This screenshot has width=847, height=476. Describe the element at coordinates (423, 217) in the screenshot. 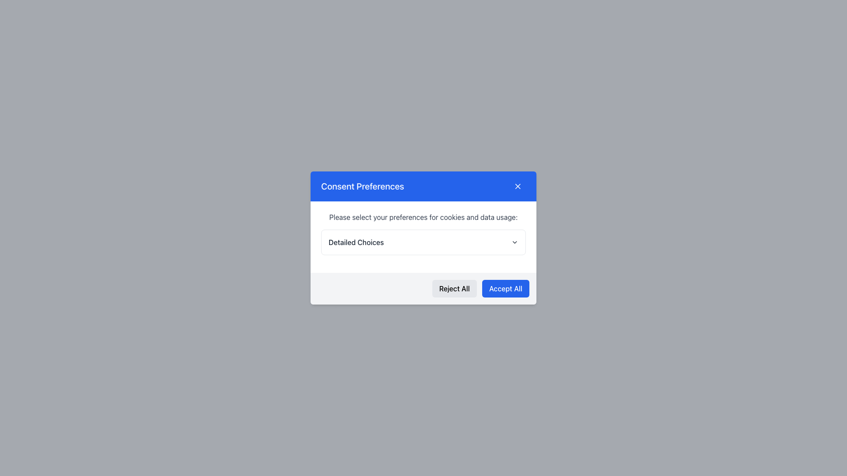

I see `the Informational Text element that reads 'Please select your preferences for cookies and data usage:', positioned at the top section of the modal dialog box above the 'Detailed Choices' dropdown` at that location.